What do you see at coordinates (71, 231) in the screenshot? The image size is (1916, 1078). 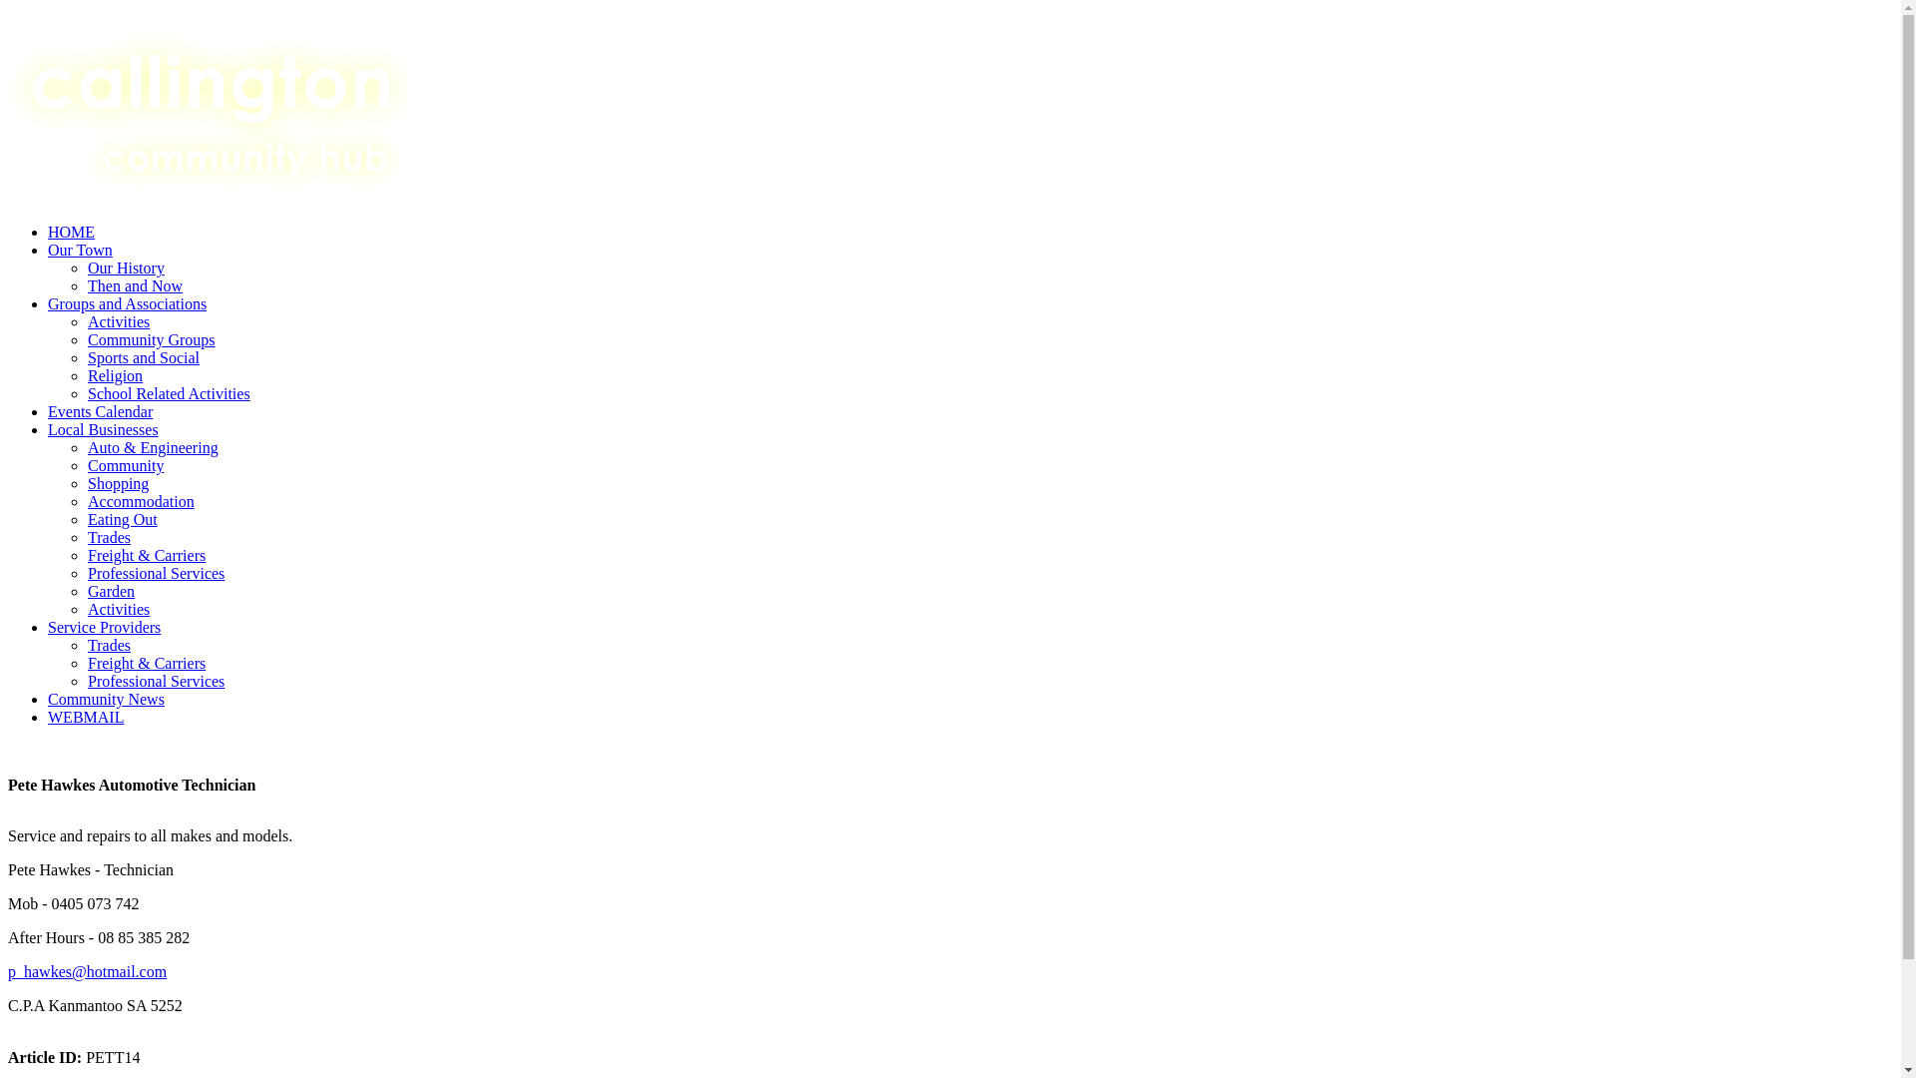 I see `'HOME'` at bounding box center [71, 231].